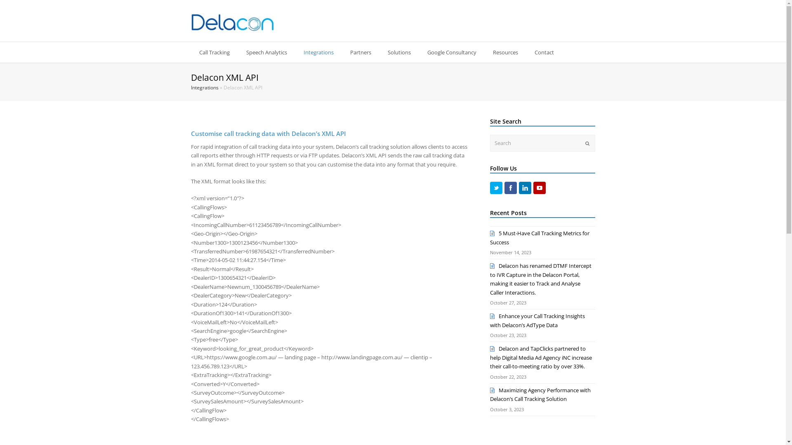  What do you see at coordinates (266, 52) in the screenshot?
I see `'Speech Analytics'` at bounding box center [266, 52].